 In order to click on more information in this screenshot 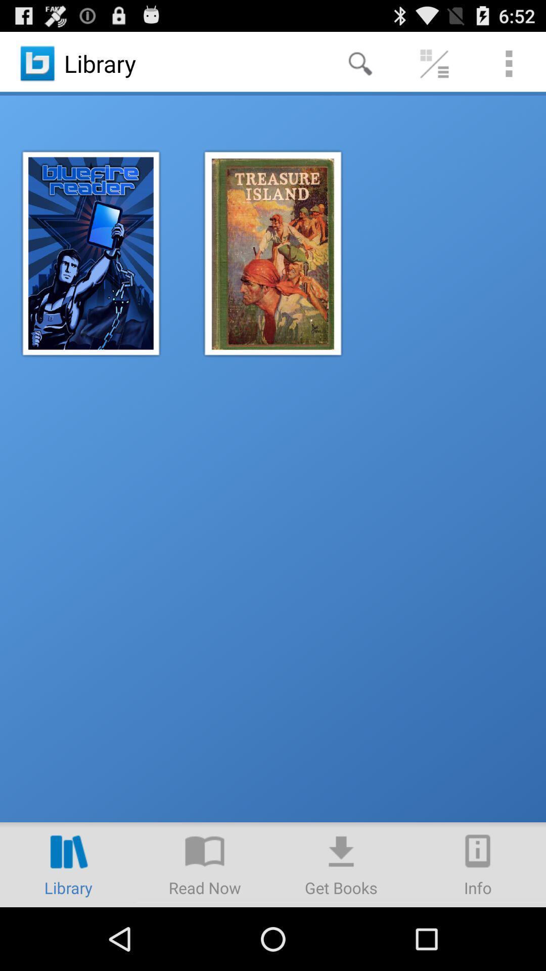, I will do `click(478, 864)`.